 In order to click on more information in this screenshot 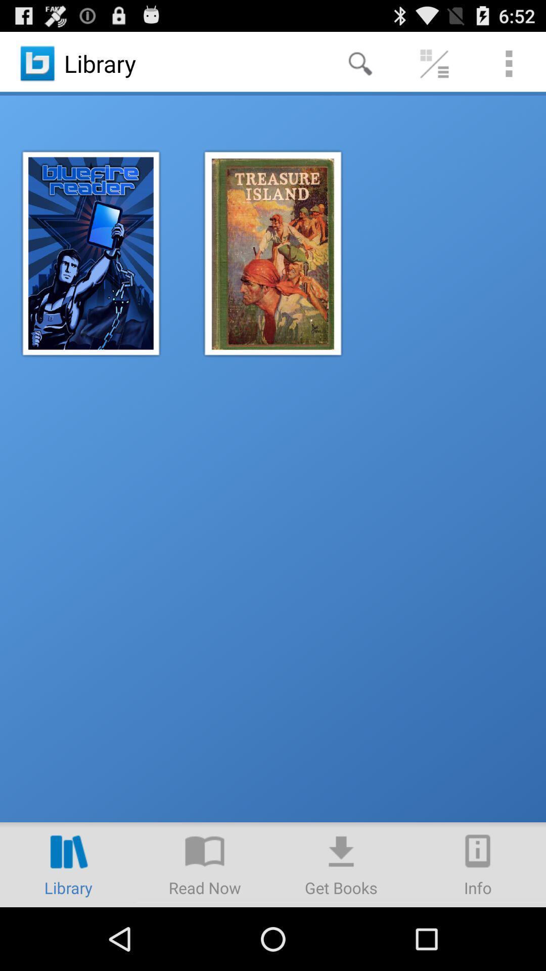, I will do `click(478, 864)`.